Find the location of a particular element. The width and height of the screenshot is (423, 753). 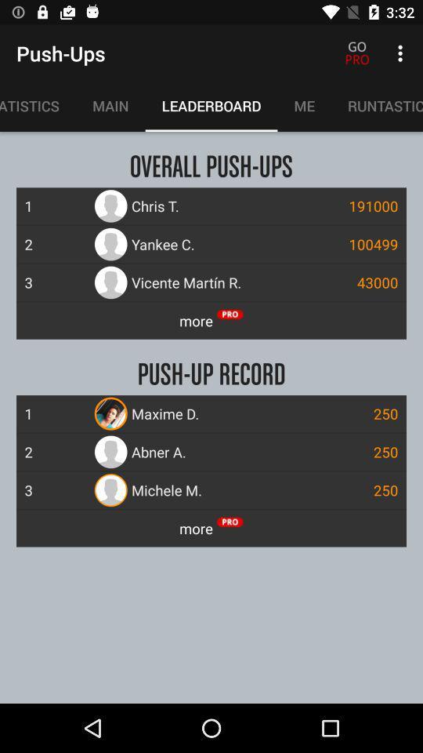

runtastic apps item is located at coordinates (376, 105).